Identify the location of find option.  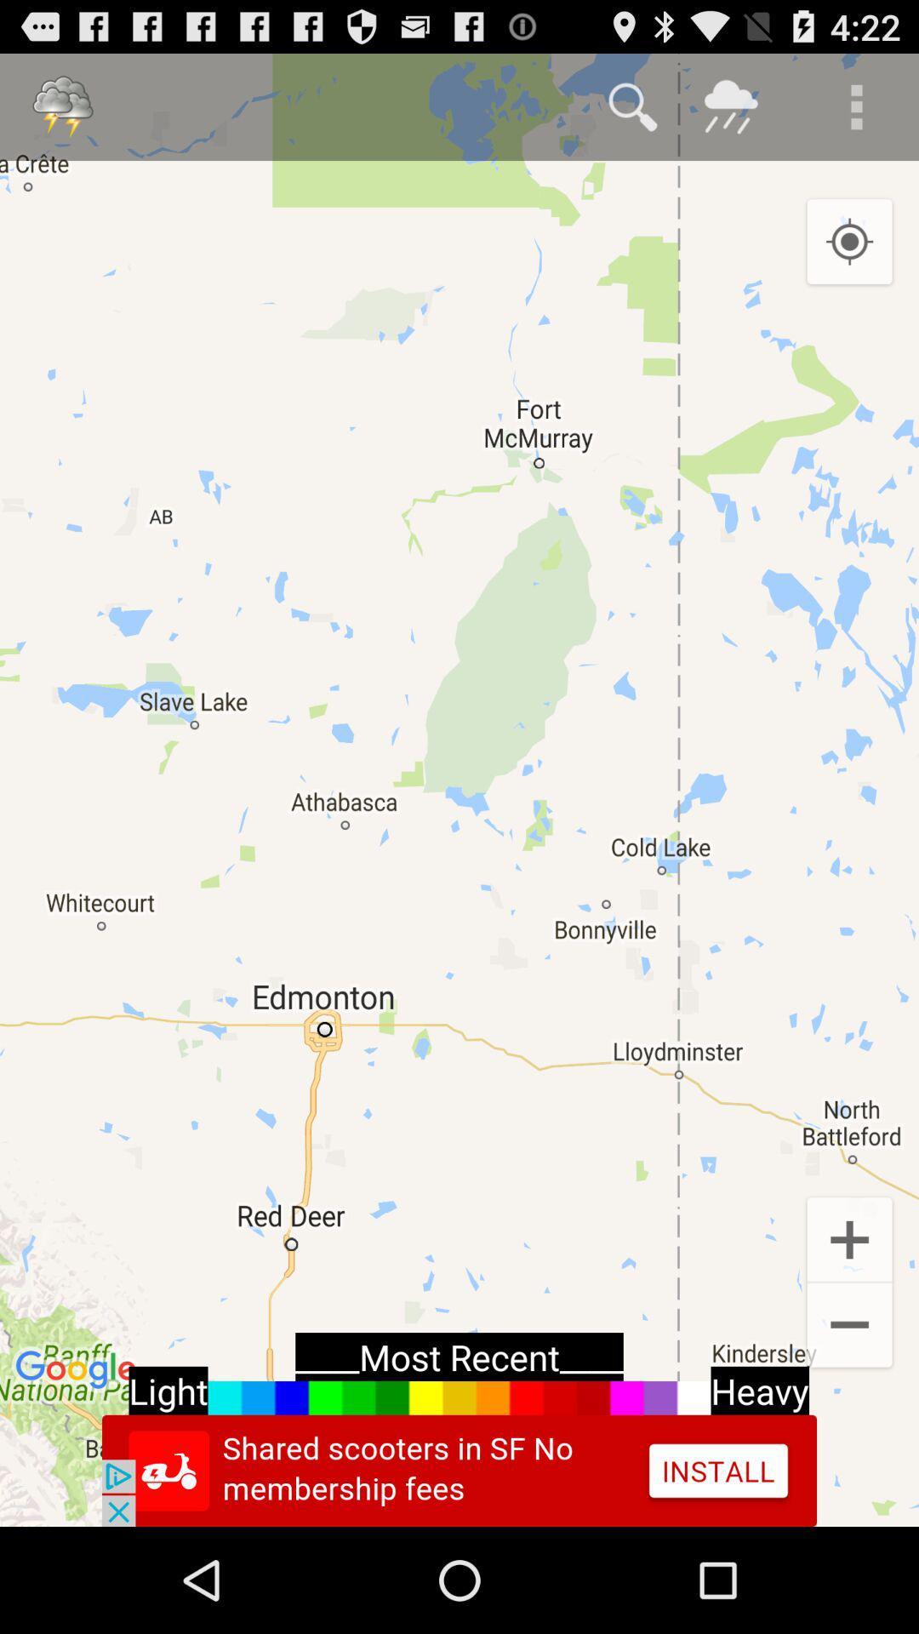
(633, 106).